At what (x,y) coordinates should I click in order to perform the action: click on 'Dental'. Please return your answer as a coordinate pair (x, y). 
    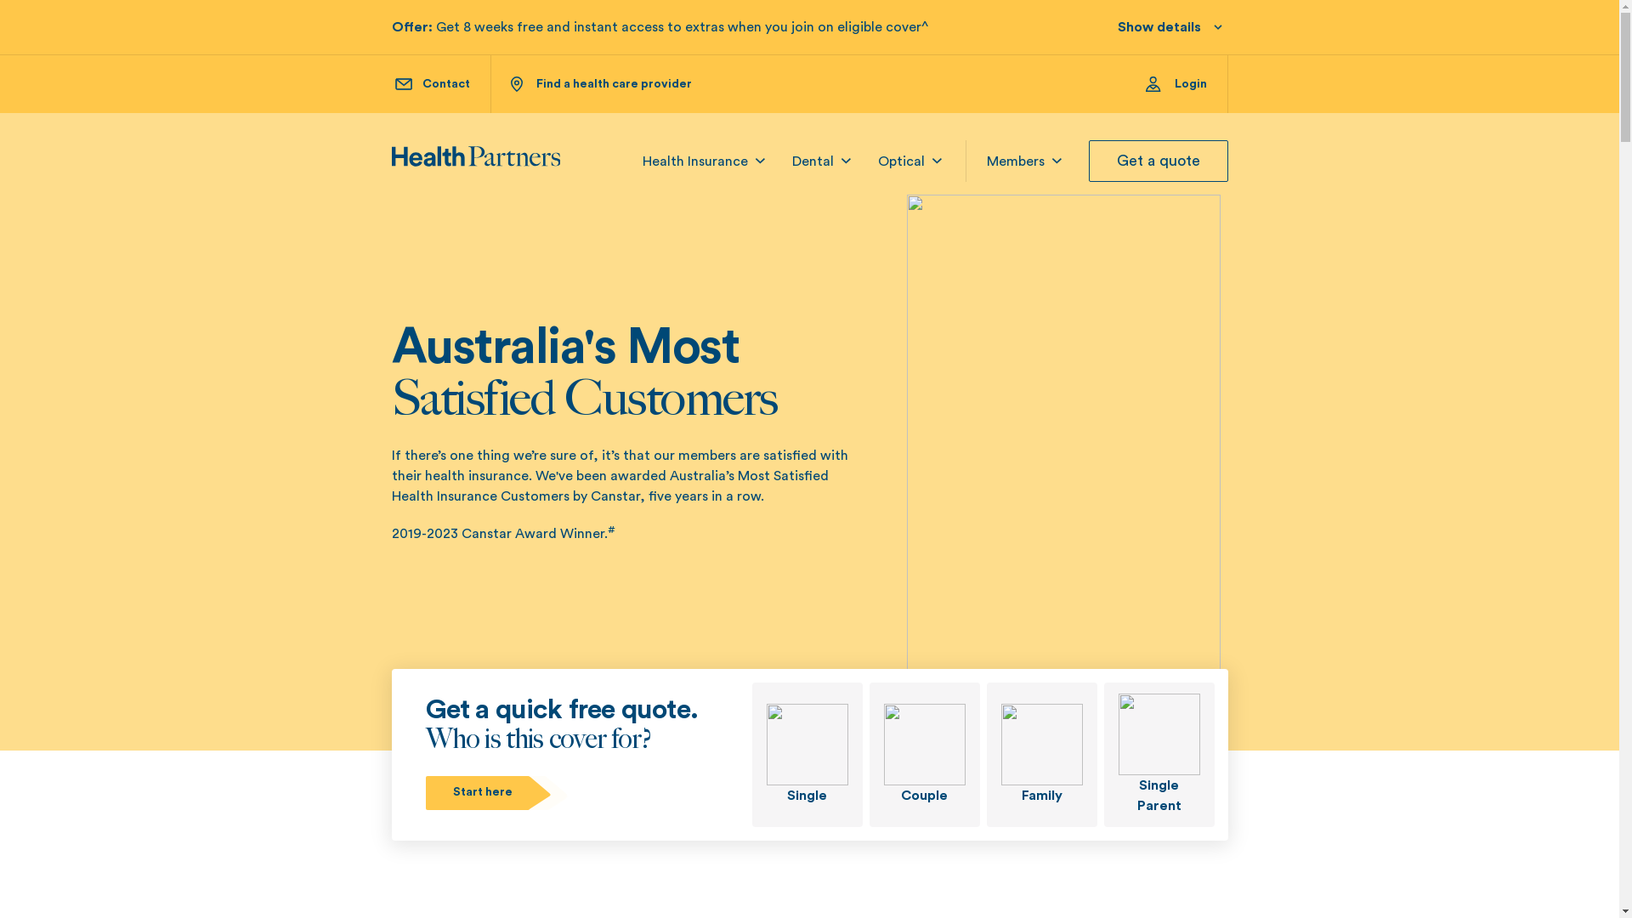
    Looking at the image, I should click on (812, 161).